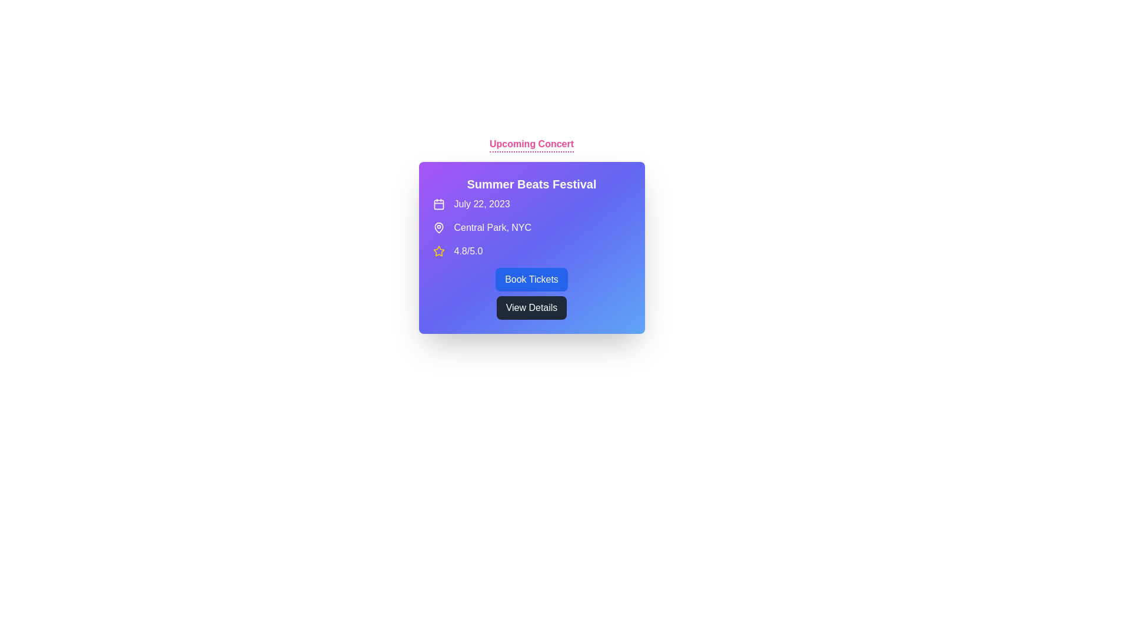  I want to click on the interactive button located beneath the 'Summer Beats Festival' text to book tickets, so click(531, 279).